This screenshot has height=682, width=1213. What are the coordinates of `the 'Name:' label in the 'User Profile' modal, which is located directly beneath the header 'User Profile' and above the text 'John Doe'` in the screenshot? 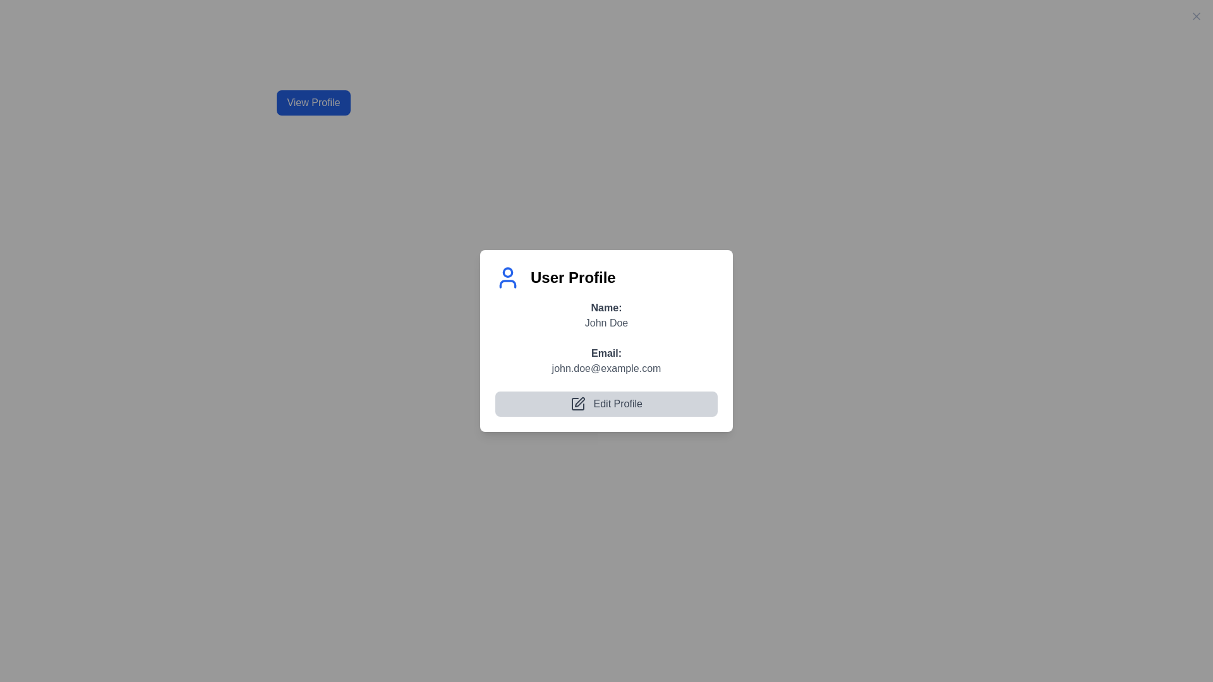 It's located at (606, 307).